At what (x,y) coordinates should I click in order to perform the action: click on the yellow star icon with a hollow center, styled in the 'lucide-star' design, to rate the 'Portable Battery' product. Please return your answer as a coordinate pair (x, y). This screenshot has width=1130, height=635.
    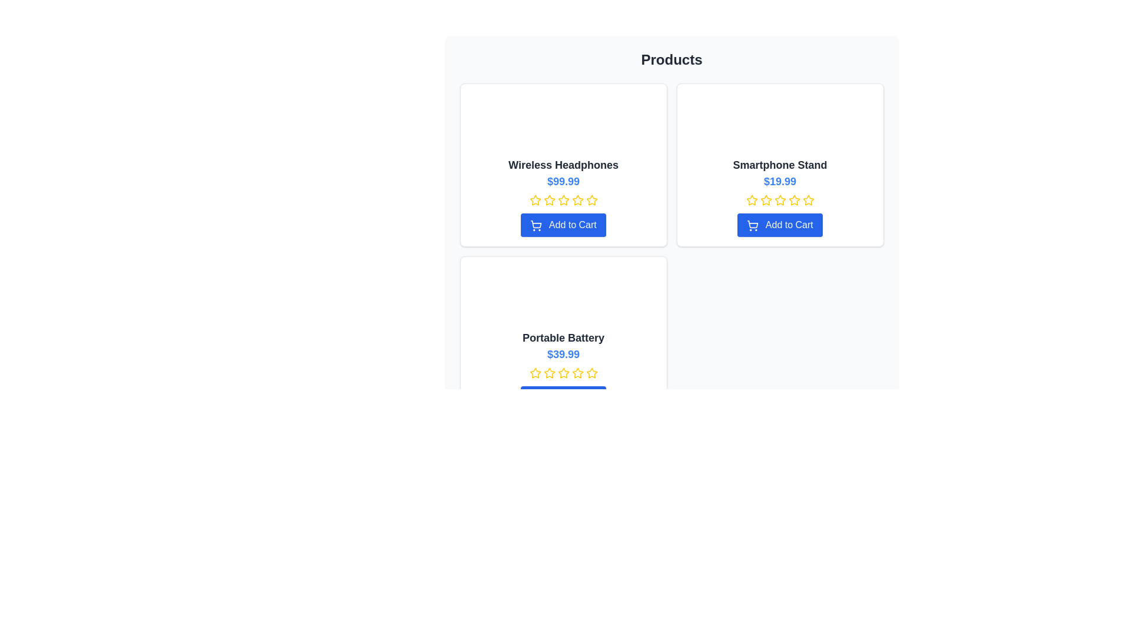
    Looking at the image, I should click on (577, 373).